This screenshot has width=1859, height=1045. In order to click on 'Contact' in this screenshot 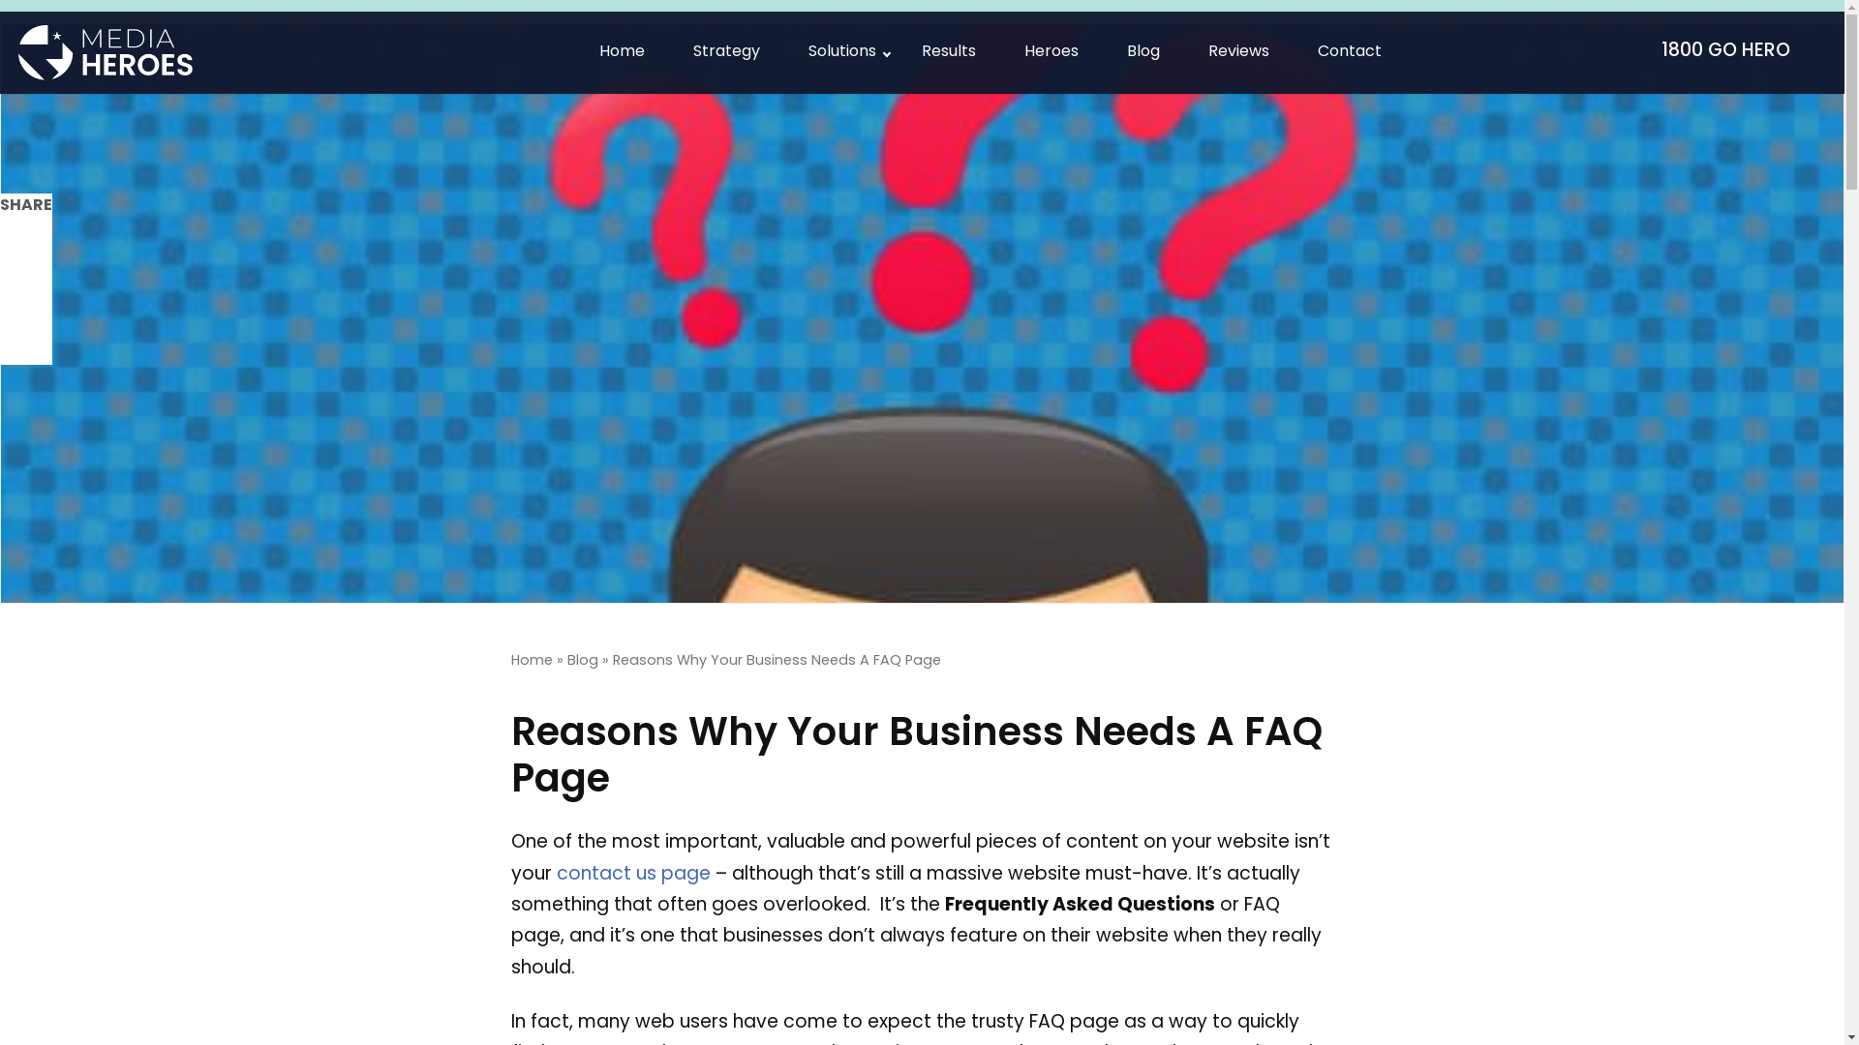, I will do `click(1348, 51)`.